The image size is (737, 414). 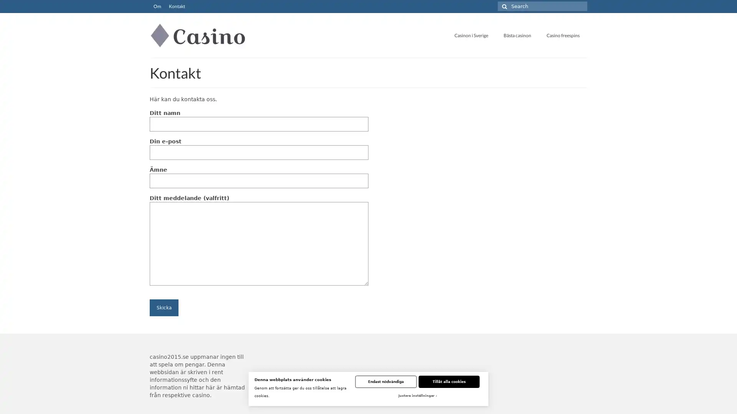 What do you see at coordinates (416, 396) in the screenshot?
I see `Justera installningar` at bounding box center [416, 396].